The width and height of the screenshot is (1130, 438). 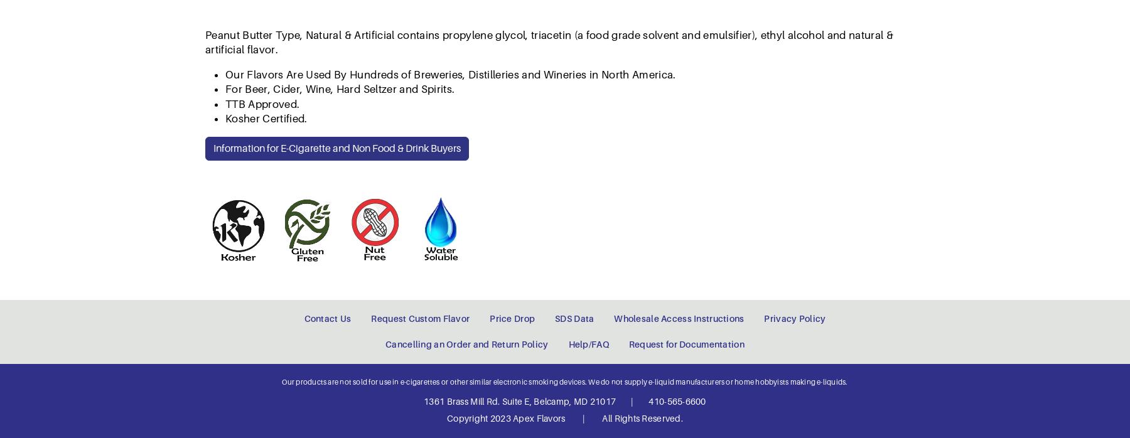 I want to click on 'Our products are not sold for use in e-cigarettes or other similar electronic smoking devices. We do not supply e-liquid manufacturers or home hobbyists making e-liquids.', so click(x=564, y=134).